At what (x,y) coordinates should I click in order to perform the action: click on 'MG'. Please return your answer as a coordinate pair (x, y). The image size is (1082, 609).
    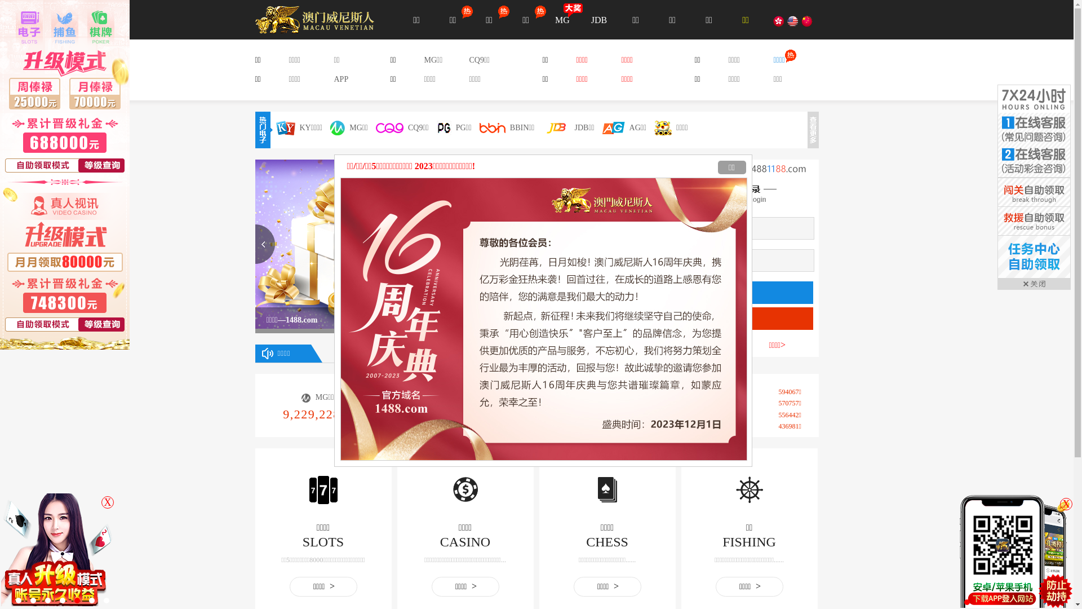
    Looking at the image, I should click on (562, 19).